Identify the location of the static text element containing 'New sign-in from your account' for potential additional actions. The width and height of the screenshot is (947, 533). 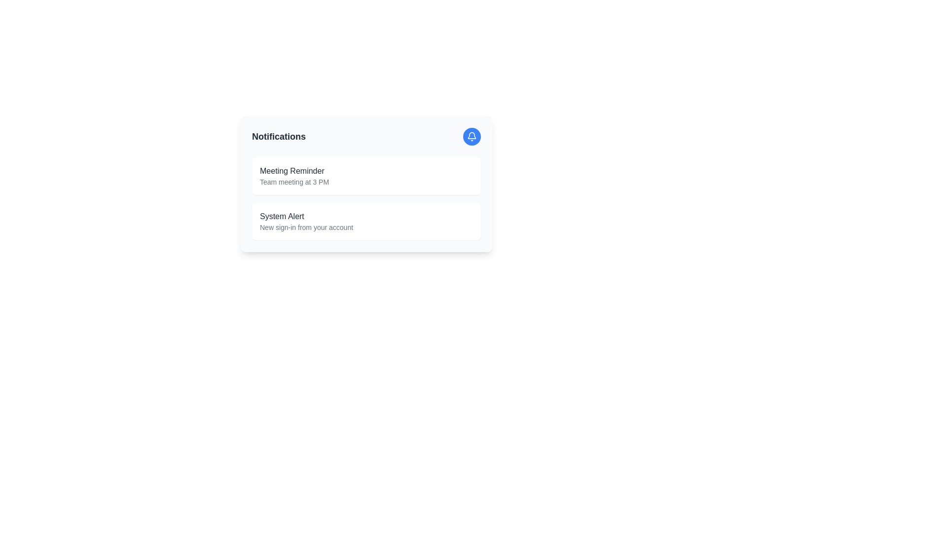
(306, 228).